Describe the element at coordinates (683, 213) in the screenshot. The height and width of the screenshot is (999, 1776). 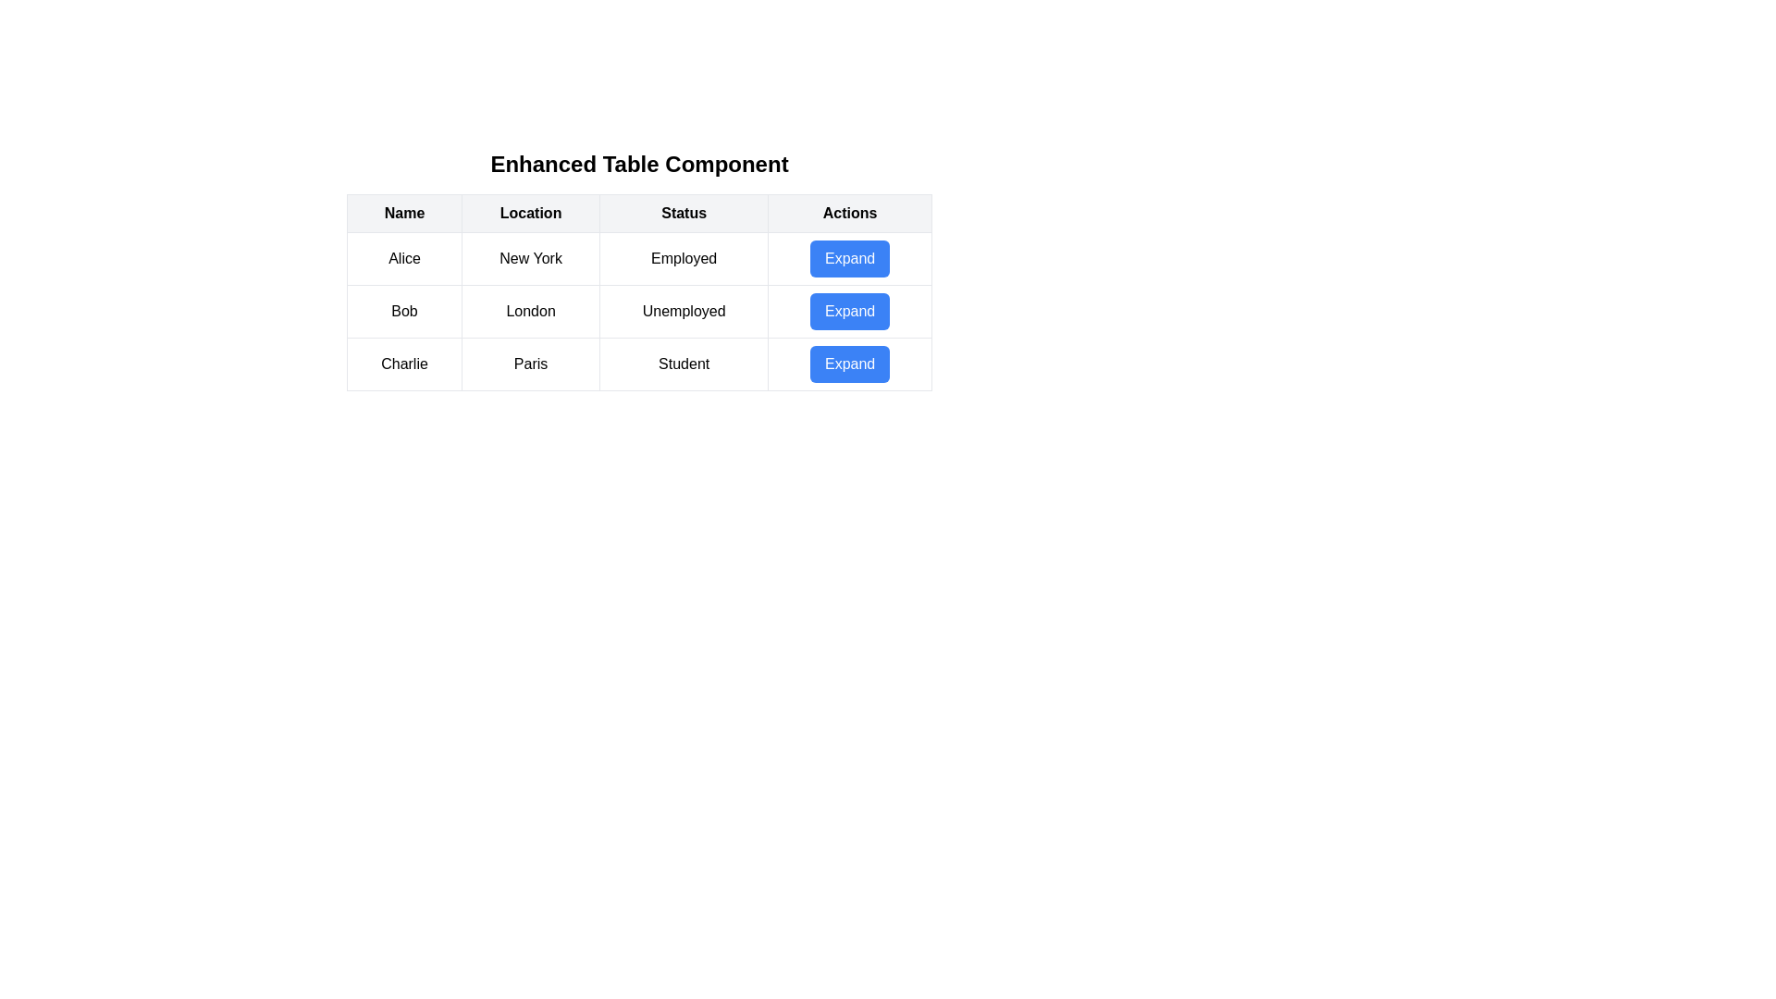
I see `the 'Status' header cell in the table, which is styled with centered bold typography and is the third column header between 'Location' and 'Actions'` at that location.